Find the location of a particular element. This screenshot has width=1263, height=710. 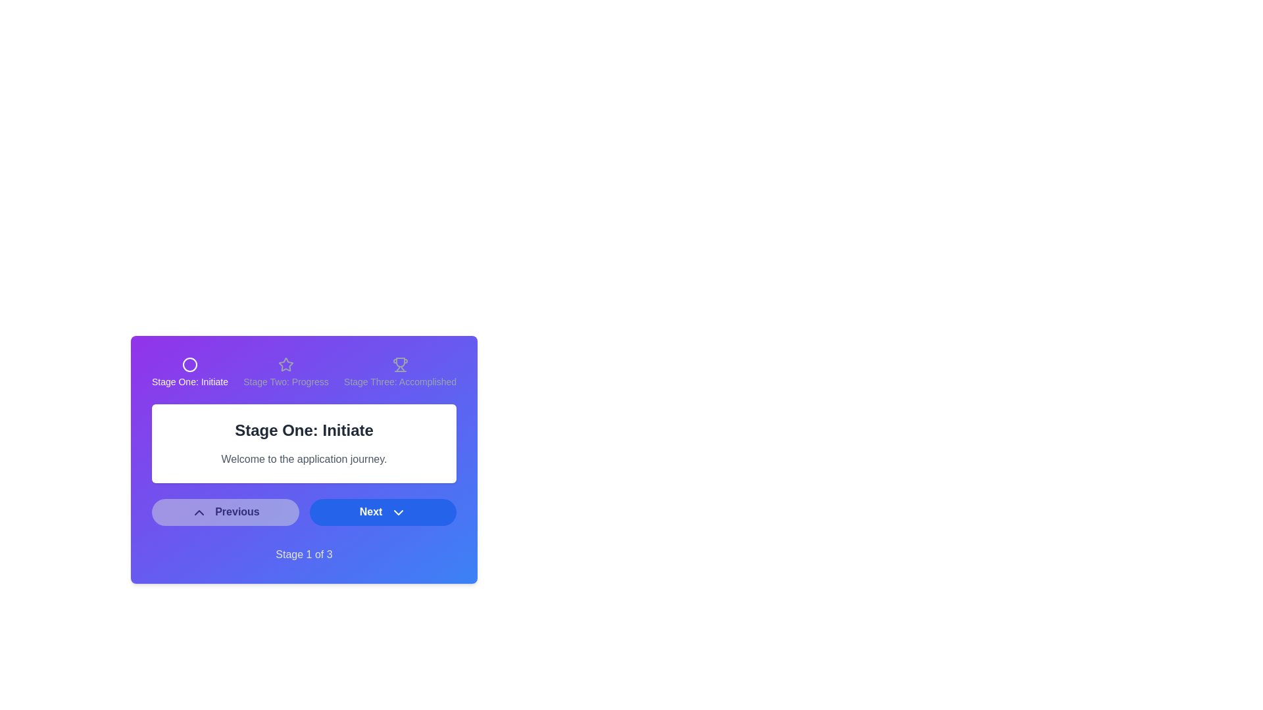

the downward-facing chevron icon within the blue 'Next' button is located at coordinates (397, 511).